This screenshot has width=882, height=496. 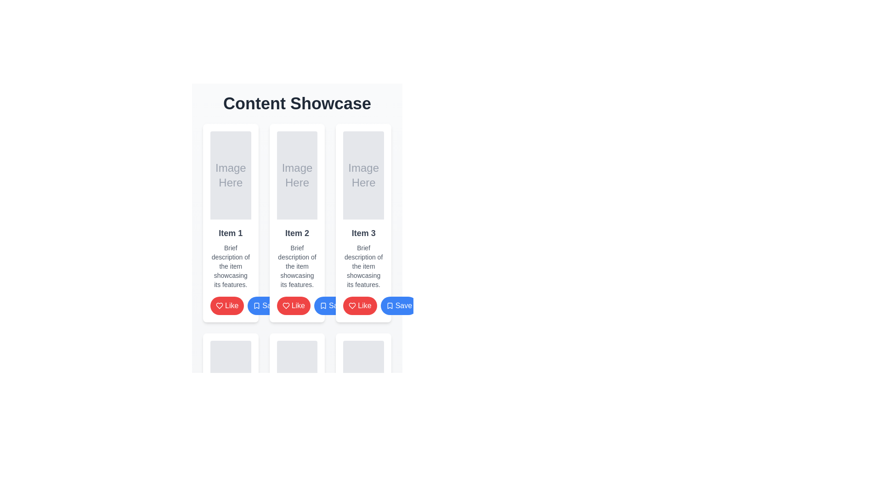 What do you see at coordinates (297, 266) in the screenshot?
I see `the static text block that provides a brief description of the item in the second card, located below the heading 'Item 2' and above the 'Like' and 'Save' buttons` at bounding box center [297, 266].